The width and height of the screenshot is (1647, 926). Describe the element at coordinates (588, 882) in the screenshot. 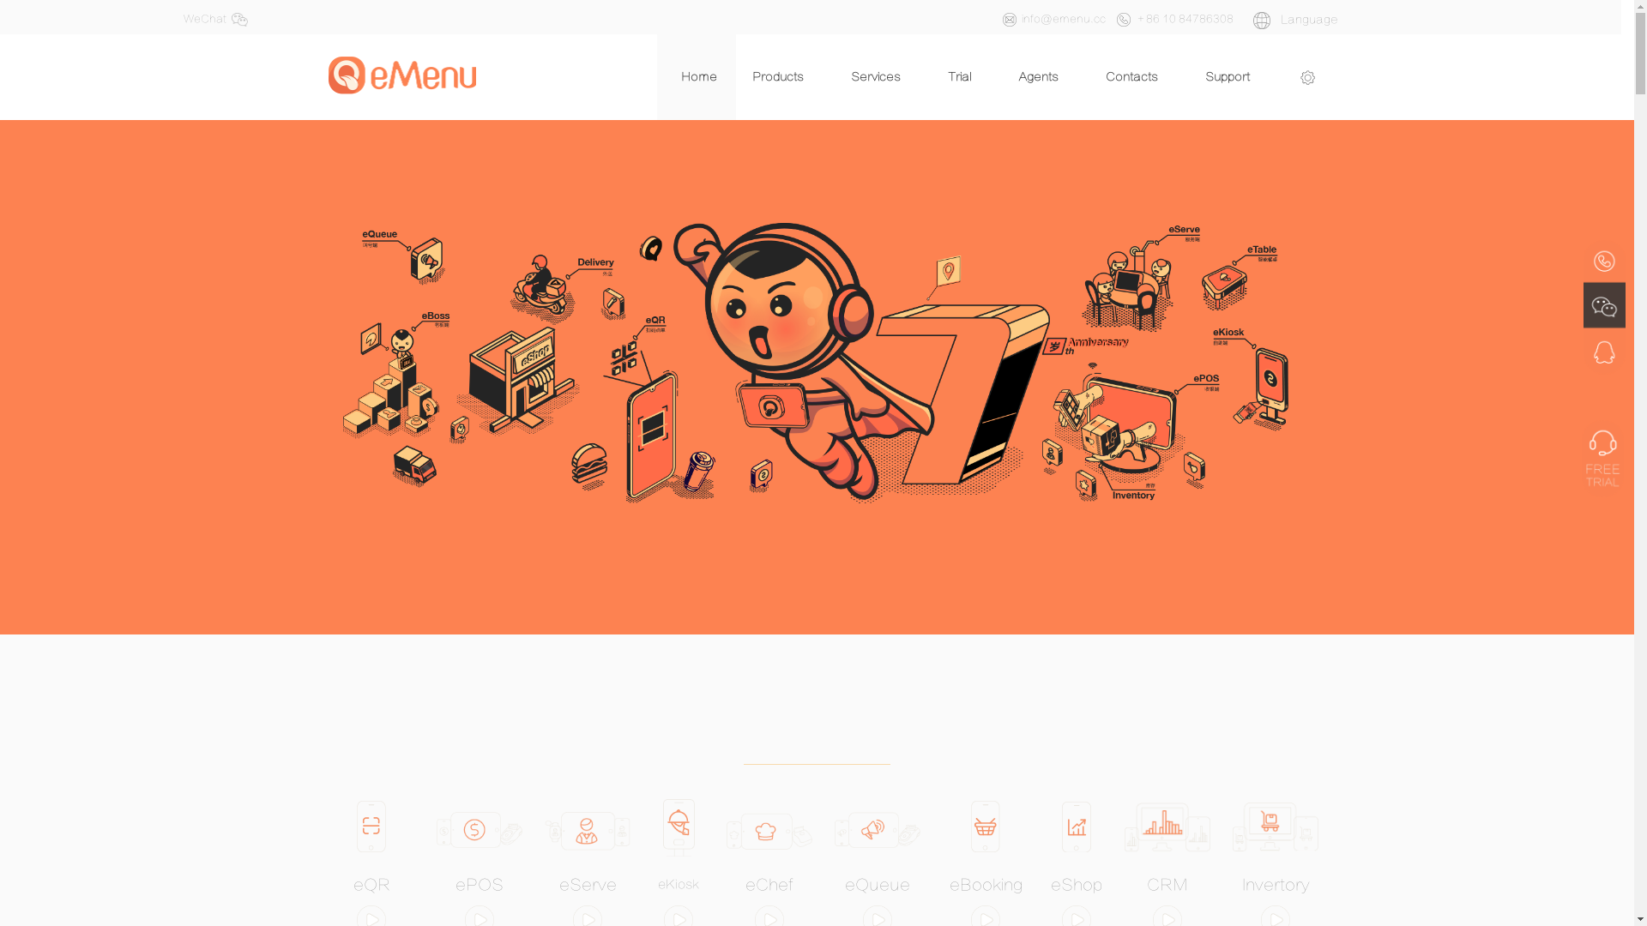

I see `'eServe'` at that location.